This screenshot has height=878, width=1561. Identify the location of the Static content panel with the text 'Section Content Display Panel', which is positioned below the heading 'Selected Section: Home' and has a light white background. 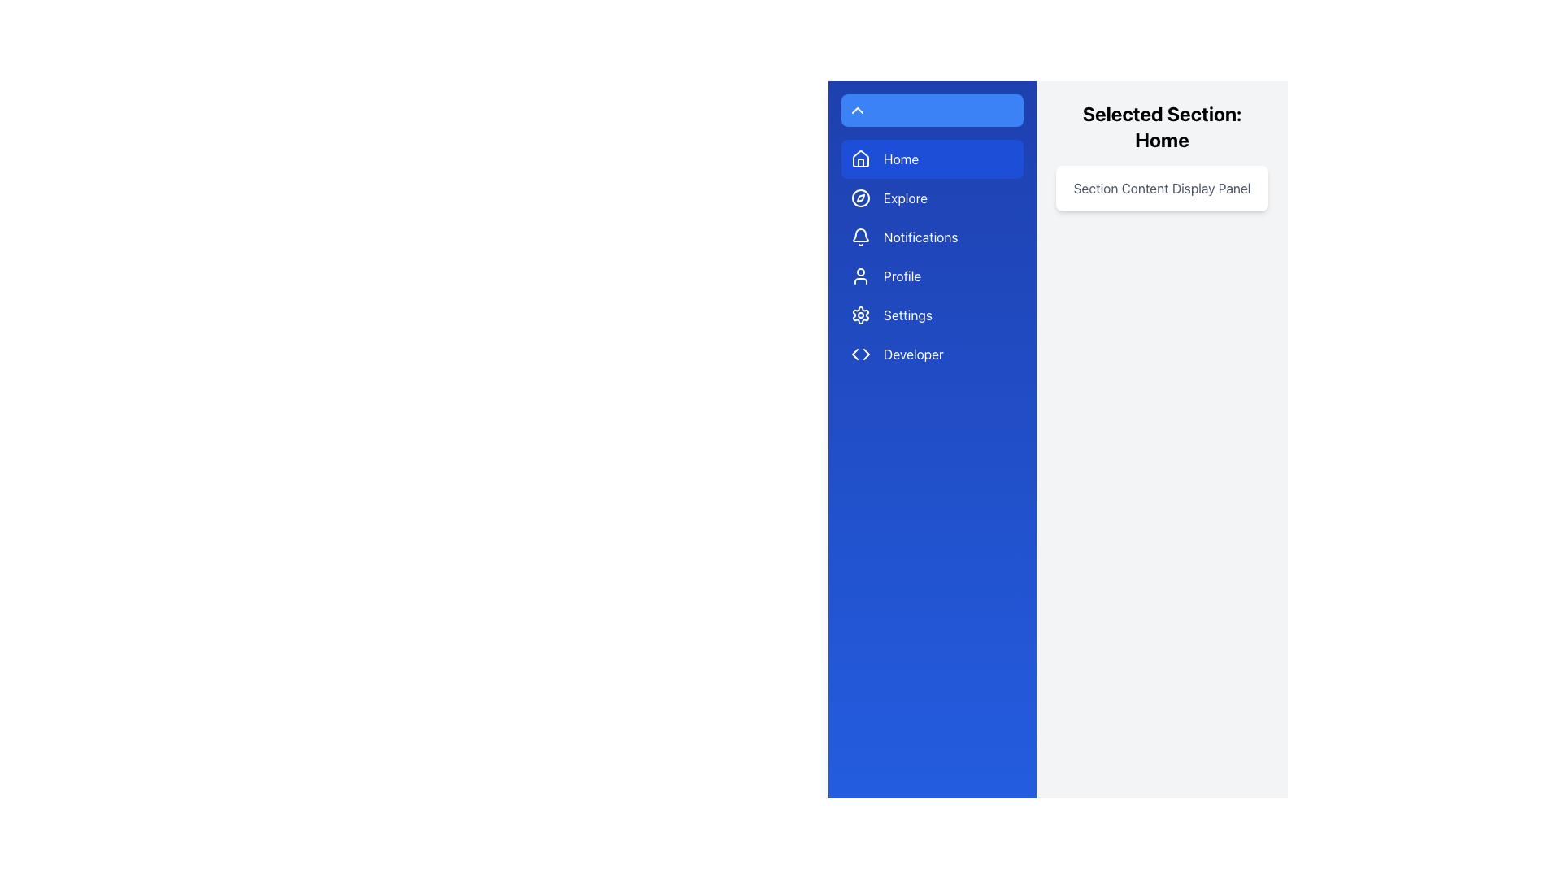
(1161, 187).